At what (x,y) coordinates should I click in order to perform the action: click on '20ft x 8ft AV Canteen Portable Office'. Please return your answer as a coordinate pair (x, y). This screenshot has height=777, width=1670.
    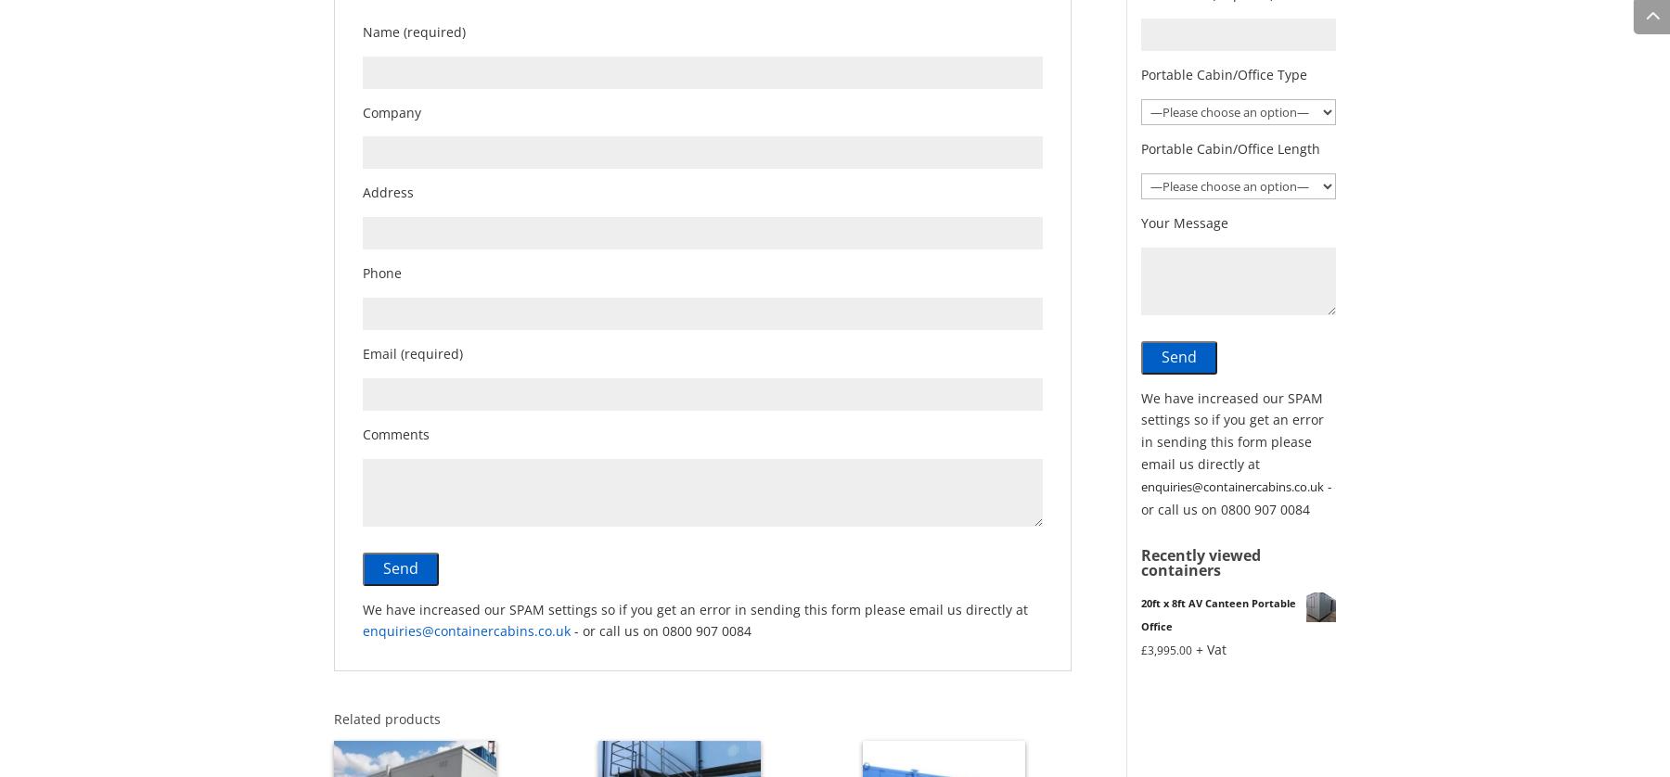
    Looking at the image, I should click on (1217, 614).